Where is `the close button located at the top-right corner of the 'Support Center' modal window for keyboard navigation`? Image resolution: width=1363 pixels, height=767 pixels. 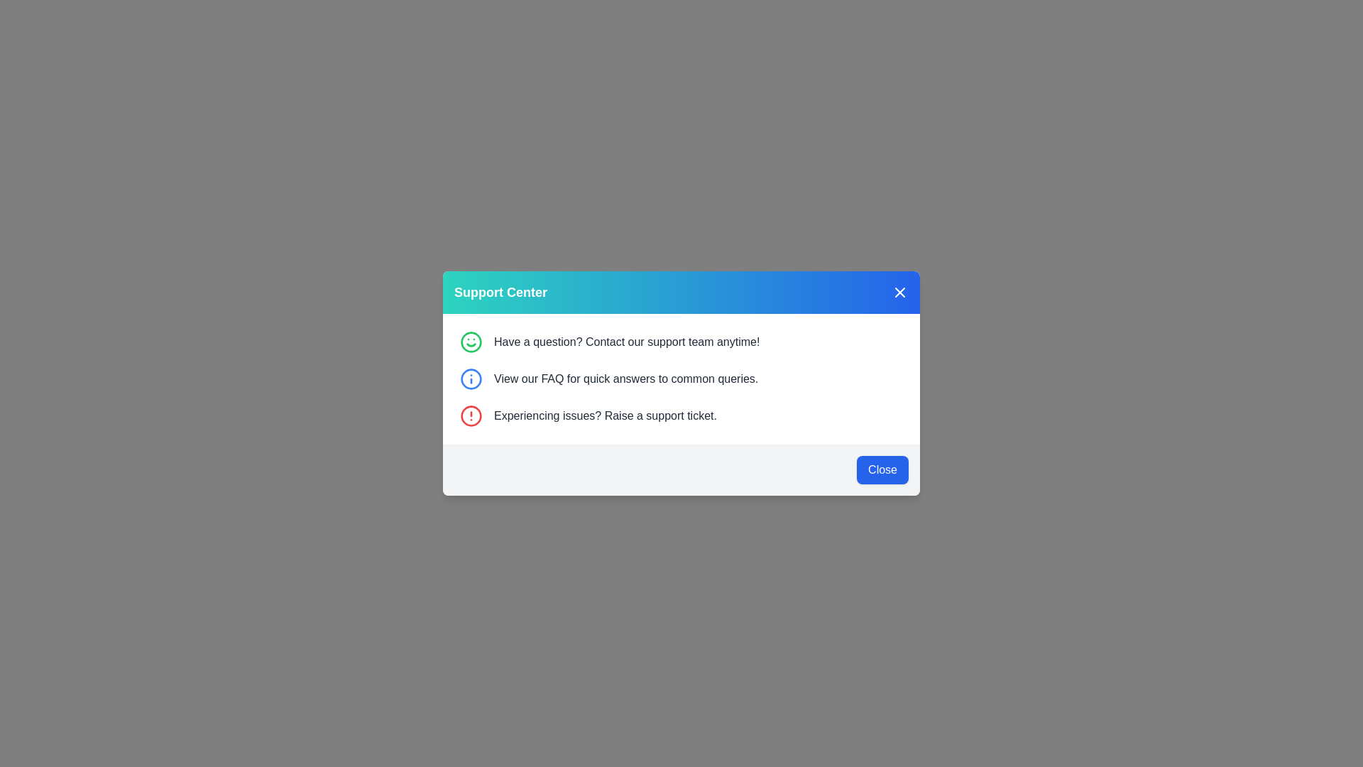
the close button located at the top-right corner of the 'Support Center' modal window for keyboard navigation is located at coordinates (899, 292).